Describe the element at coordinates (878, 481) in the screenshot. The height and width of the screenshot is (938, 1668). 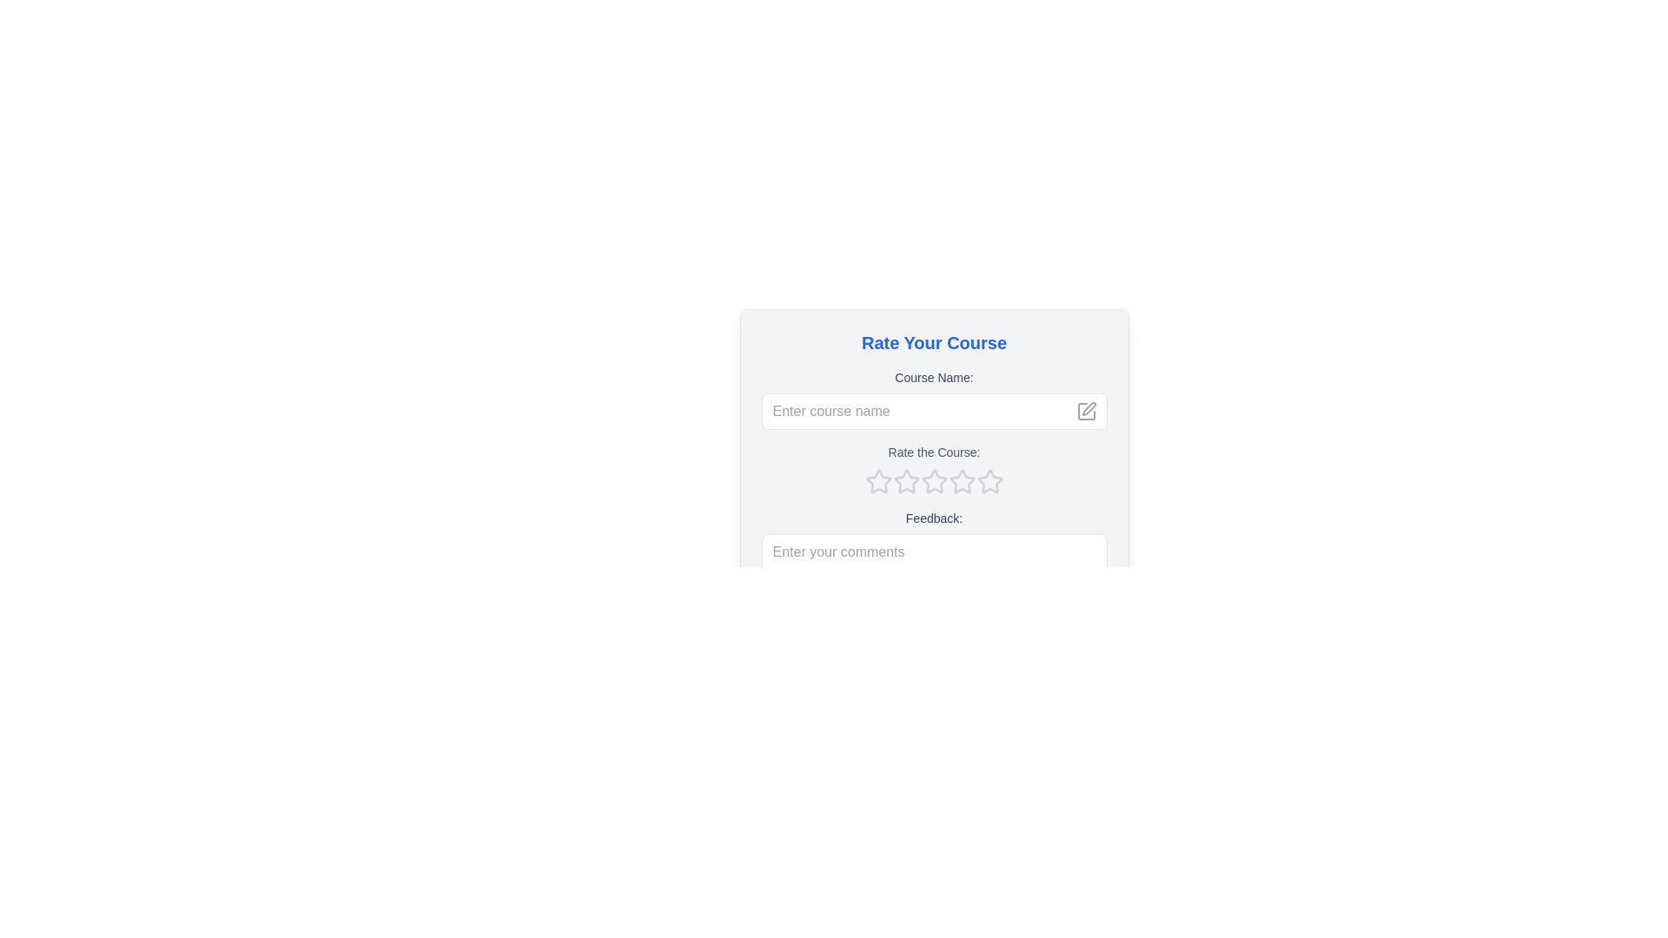
I see `the first star icon in the rating row below the text 'Rate the Course:'` at that location.